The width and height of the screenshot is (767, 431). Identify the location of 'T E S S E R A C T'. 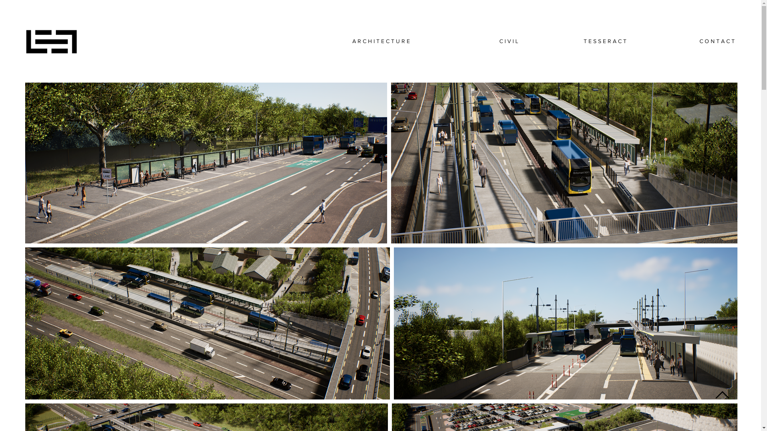
(576, 41).